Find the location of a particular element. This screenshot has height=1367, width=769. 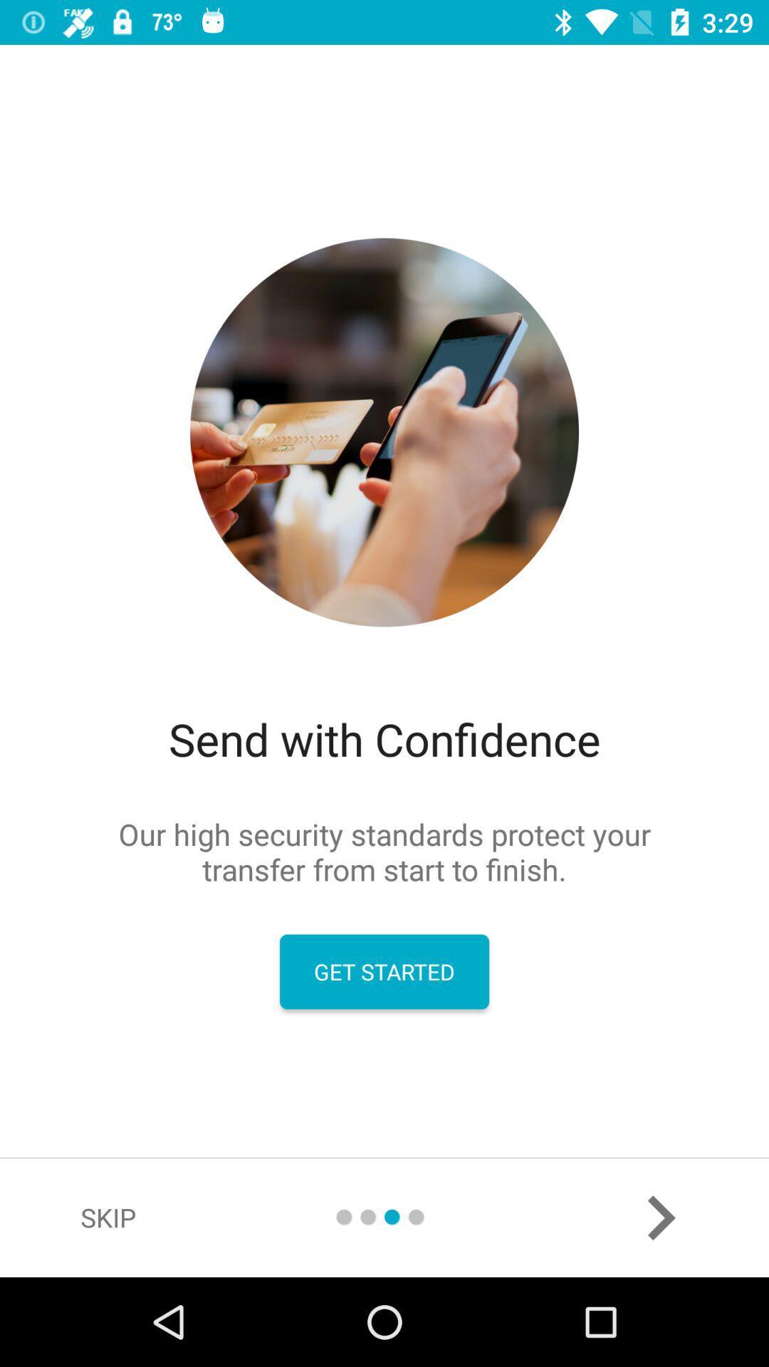

the arrow_forward icon is located at coordinates (660, 1217).